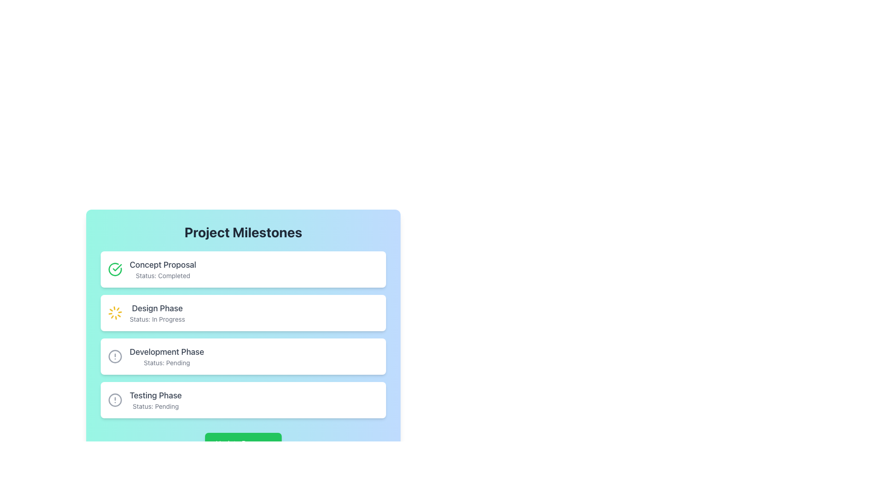 The image size is (871, 490). What do you see at coordinates (243, 232) in the screenshot?
I see `the heading 'Project Milestones' styled with a large, bold font` at bounding box center [243, 232].